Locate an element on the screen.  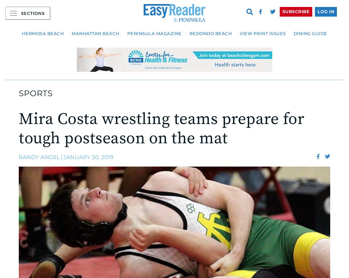
'January 30, 2019' is located at coordinates (63, 156).